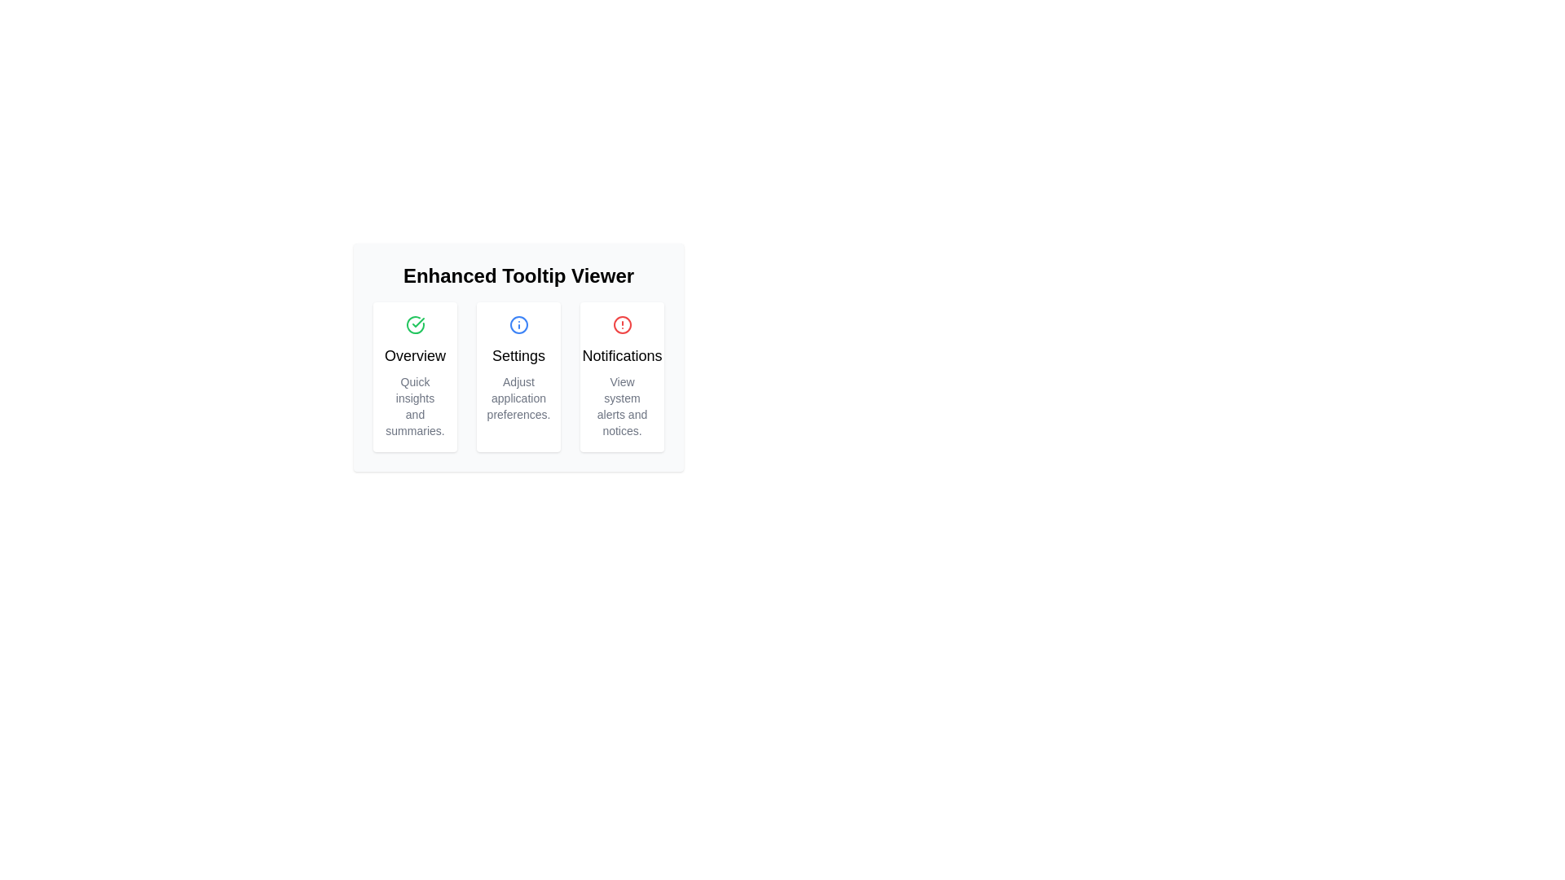  What do you see at coordinates (621, 324) in the screenshot?
I see `the alert or warning icon located above the 'Notifications' title within the 'Notifications' card` at bounding box center [621, 324].